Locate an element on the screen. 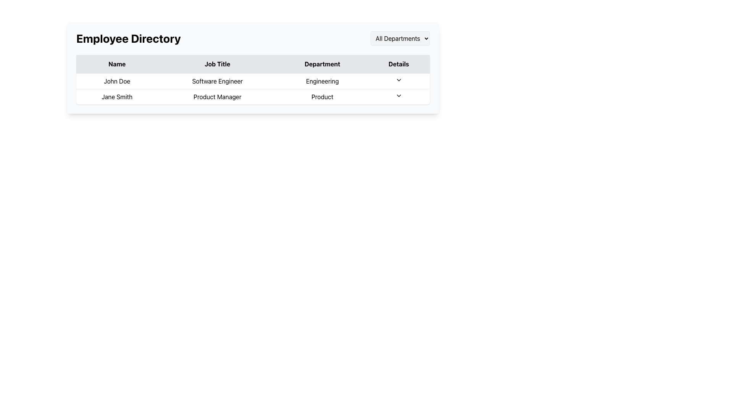  the text label displaying 'Software Engineer' that is located in the second column of the row corresponding to 'John Doe' is located at coordinates (217, 81).